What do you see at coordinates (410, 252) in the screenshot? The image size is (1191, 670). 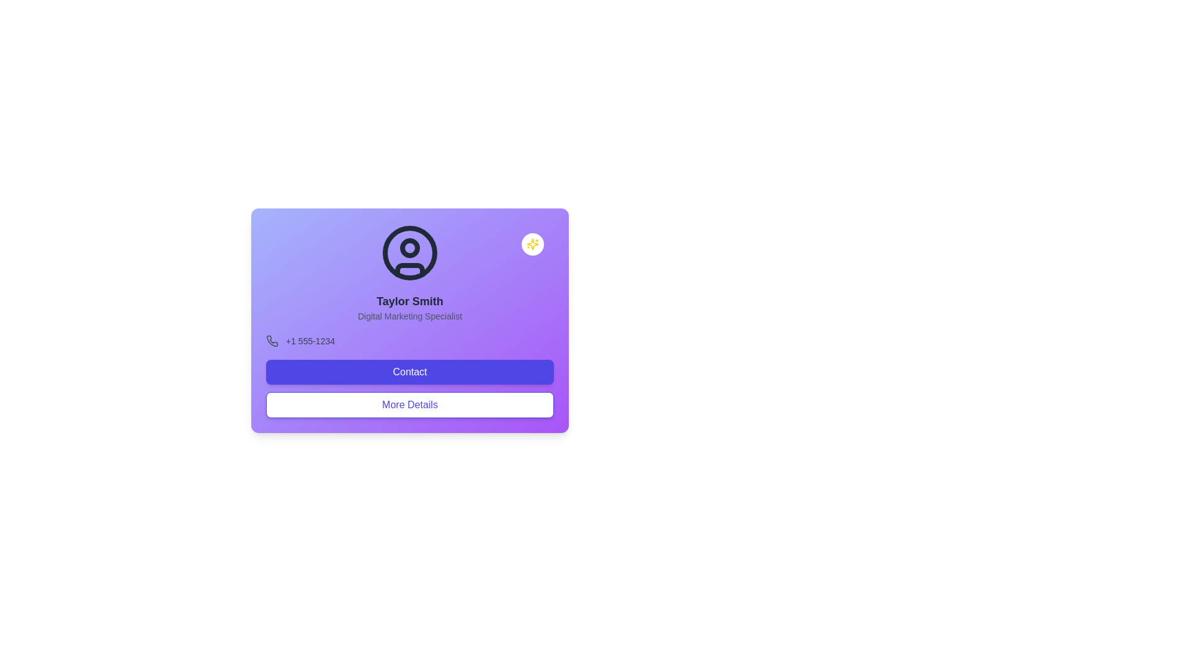 I see `the SVG Circle that represents part of the user profile icon, located at the top middle of the card interface, above the profile name 'Taylor Smith'` at bounding box center [410, 252].